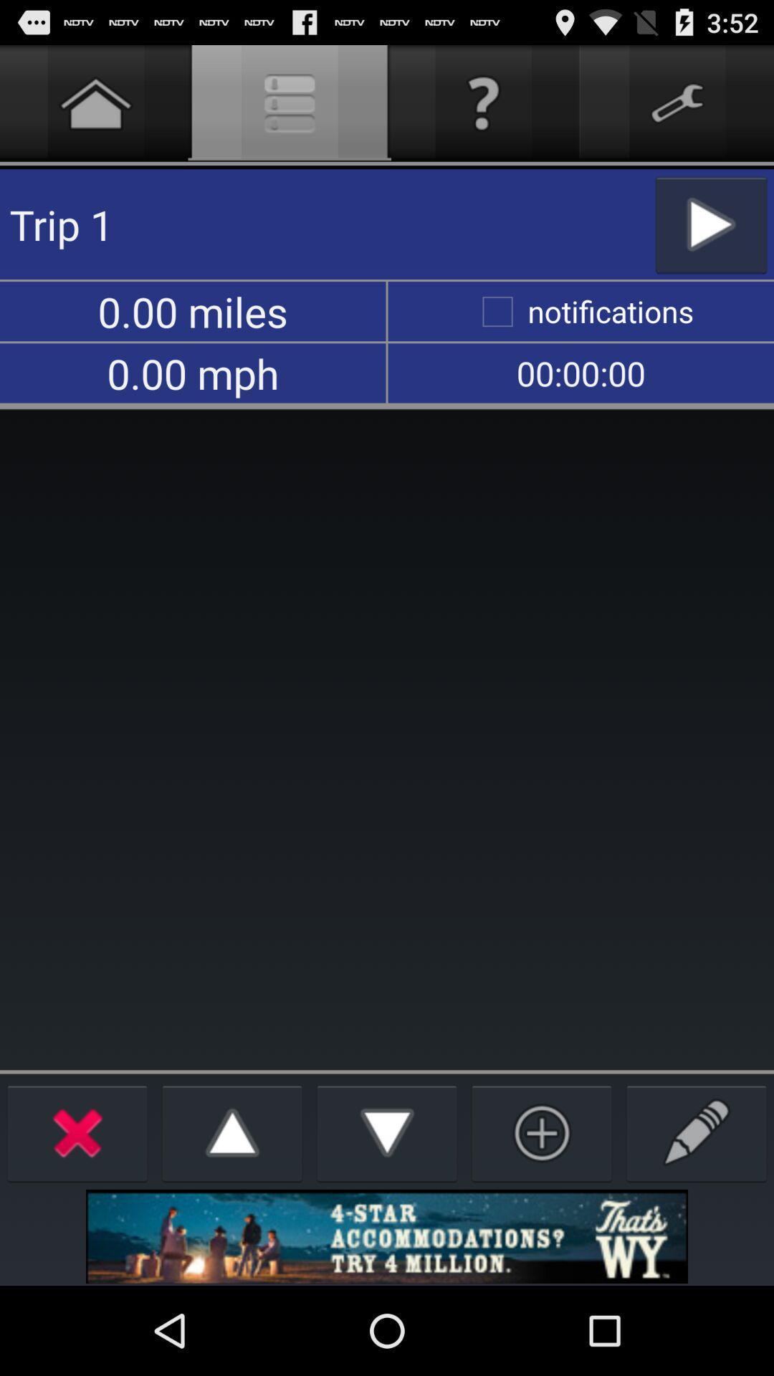 This screenshot has width=774, height=1376. I want to click on up, so click(231, 1132).